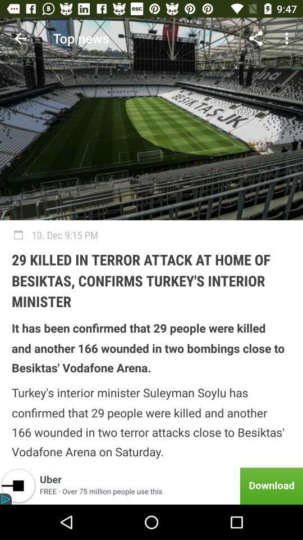 The height and width of the screenshot is (540, 303). I want to click on the item above 10 dec 9, so click(288, 38).